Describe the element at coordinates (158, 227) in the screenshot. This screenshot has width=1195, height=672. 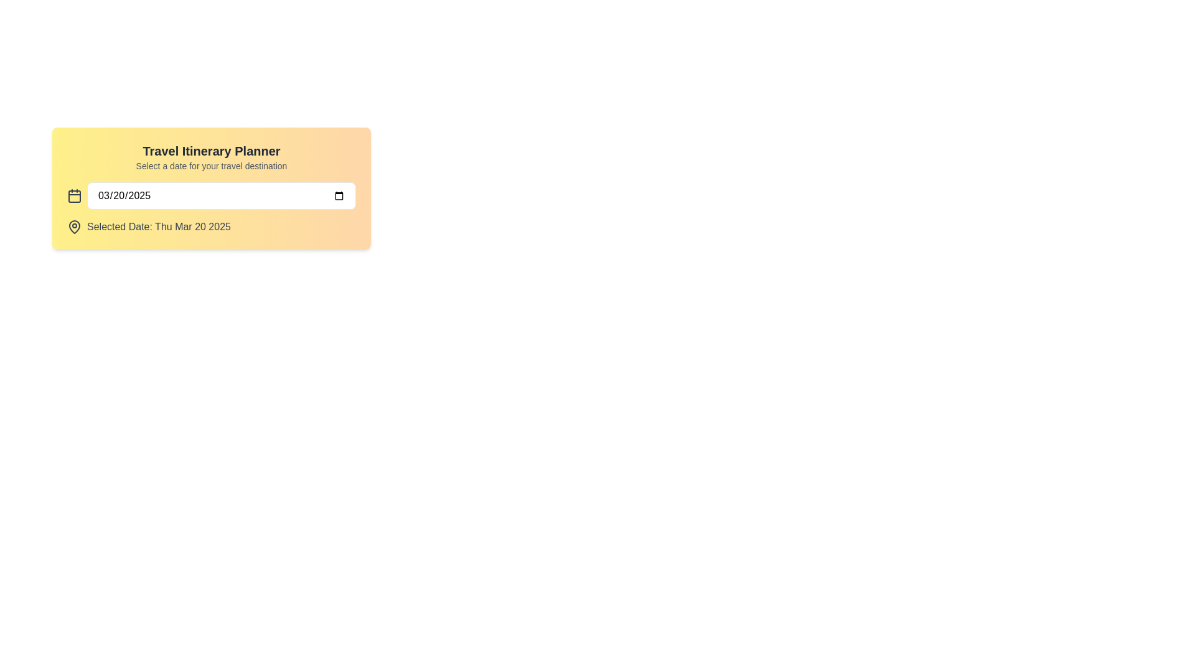
I see `the static text display that shows the selected travel date in the travel planner section, located below the calendar date input field and to the right of the location pin icon` at that location.